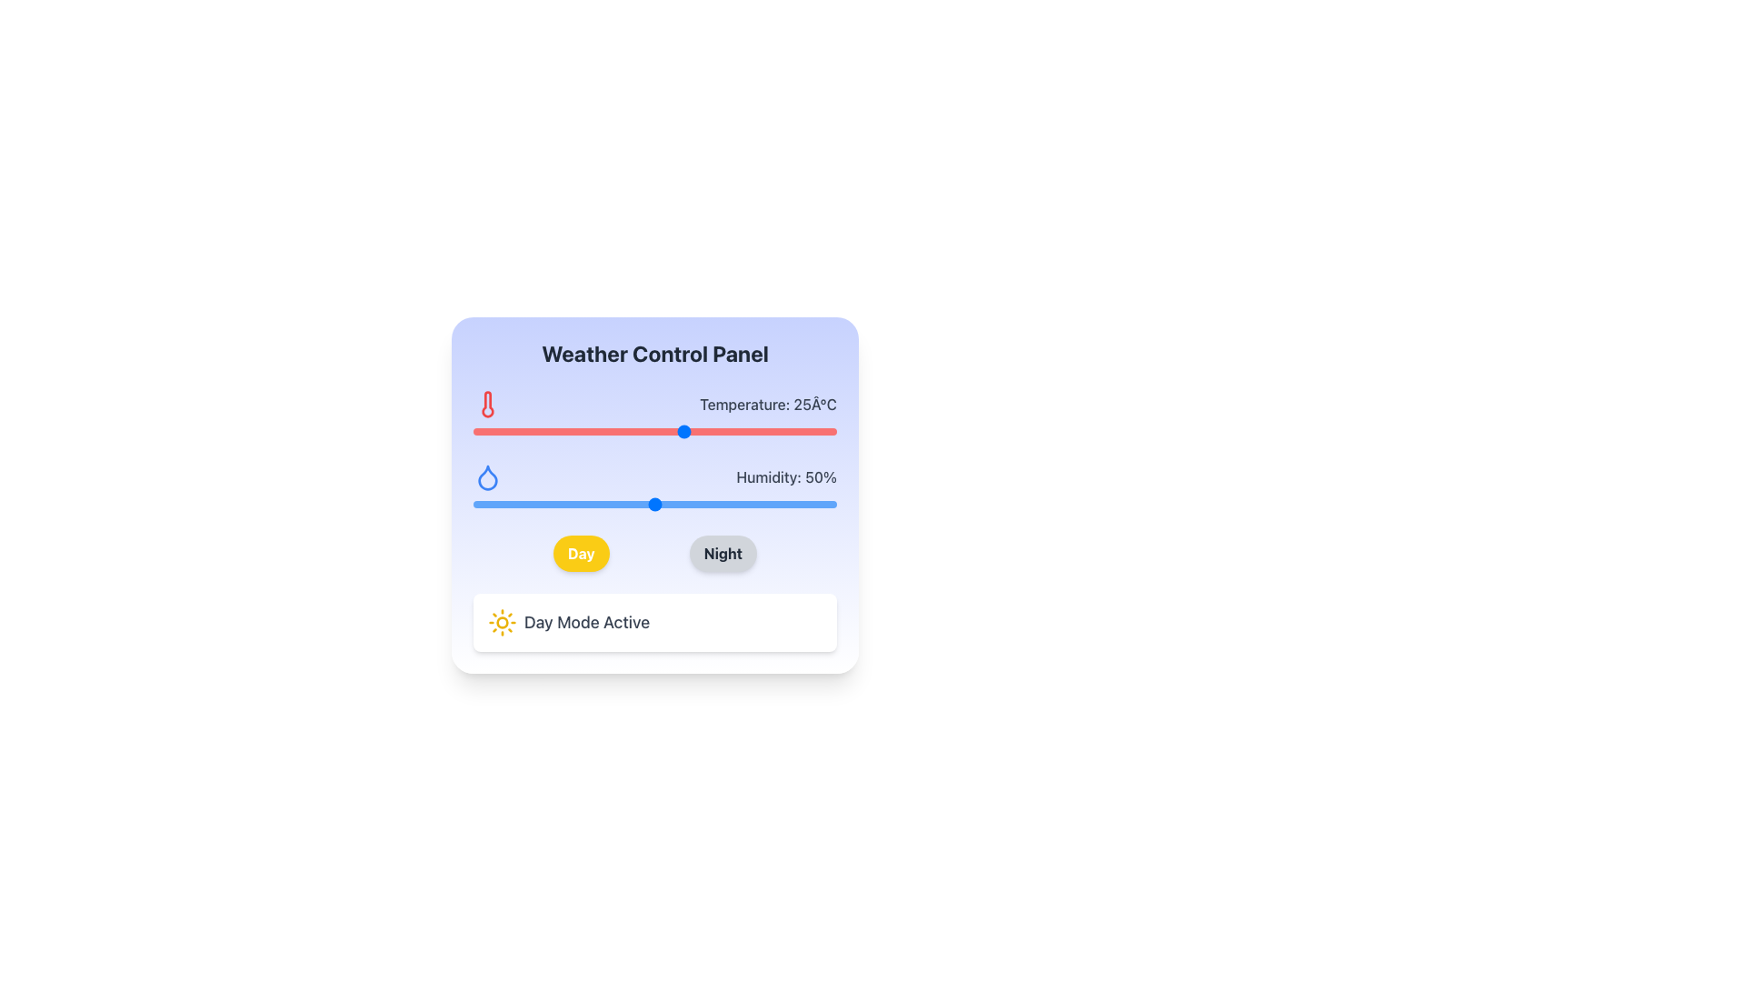  What do you see at coordinates (654, 505) in the screenshot?
I see `humidity level` at bounding box center [654, 505].